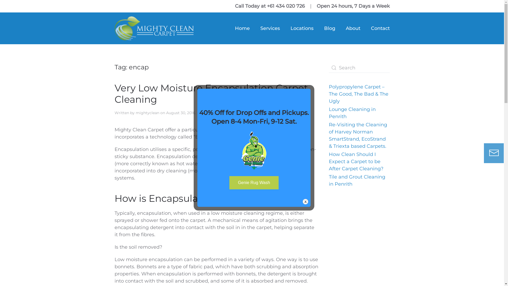 The height and width of the screenshot is (286, 508). What do you see at coordinates (352, 113) in the screenshot?
I see `'Lounge Cleaning in Penrith'` at bounding box center [352, 113].